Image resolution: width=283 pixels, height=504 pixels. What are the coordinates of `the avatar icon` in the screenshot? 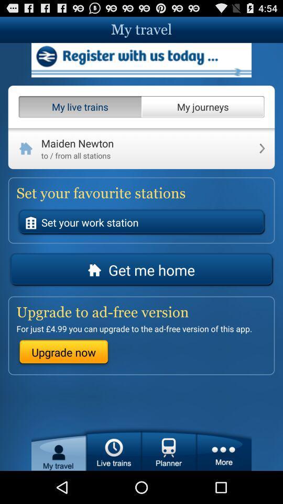 It's located at (59, 480).